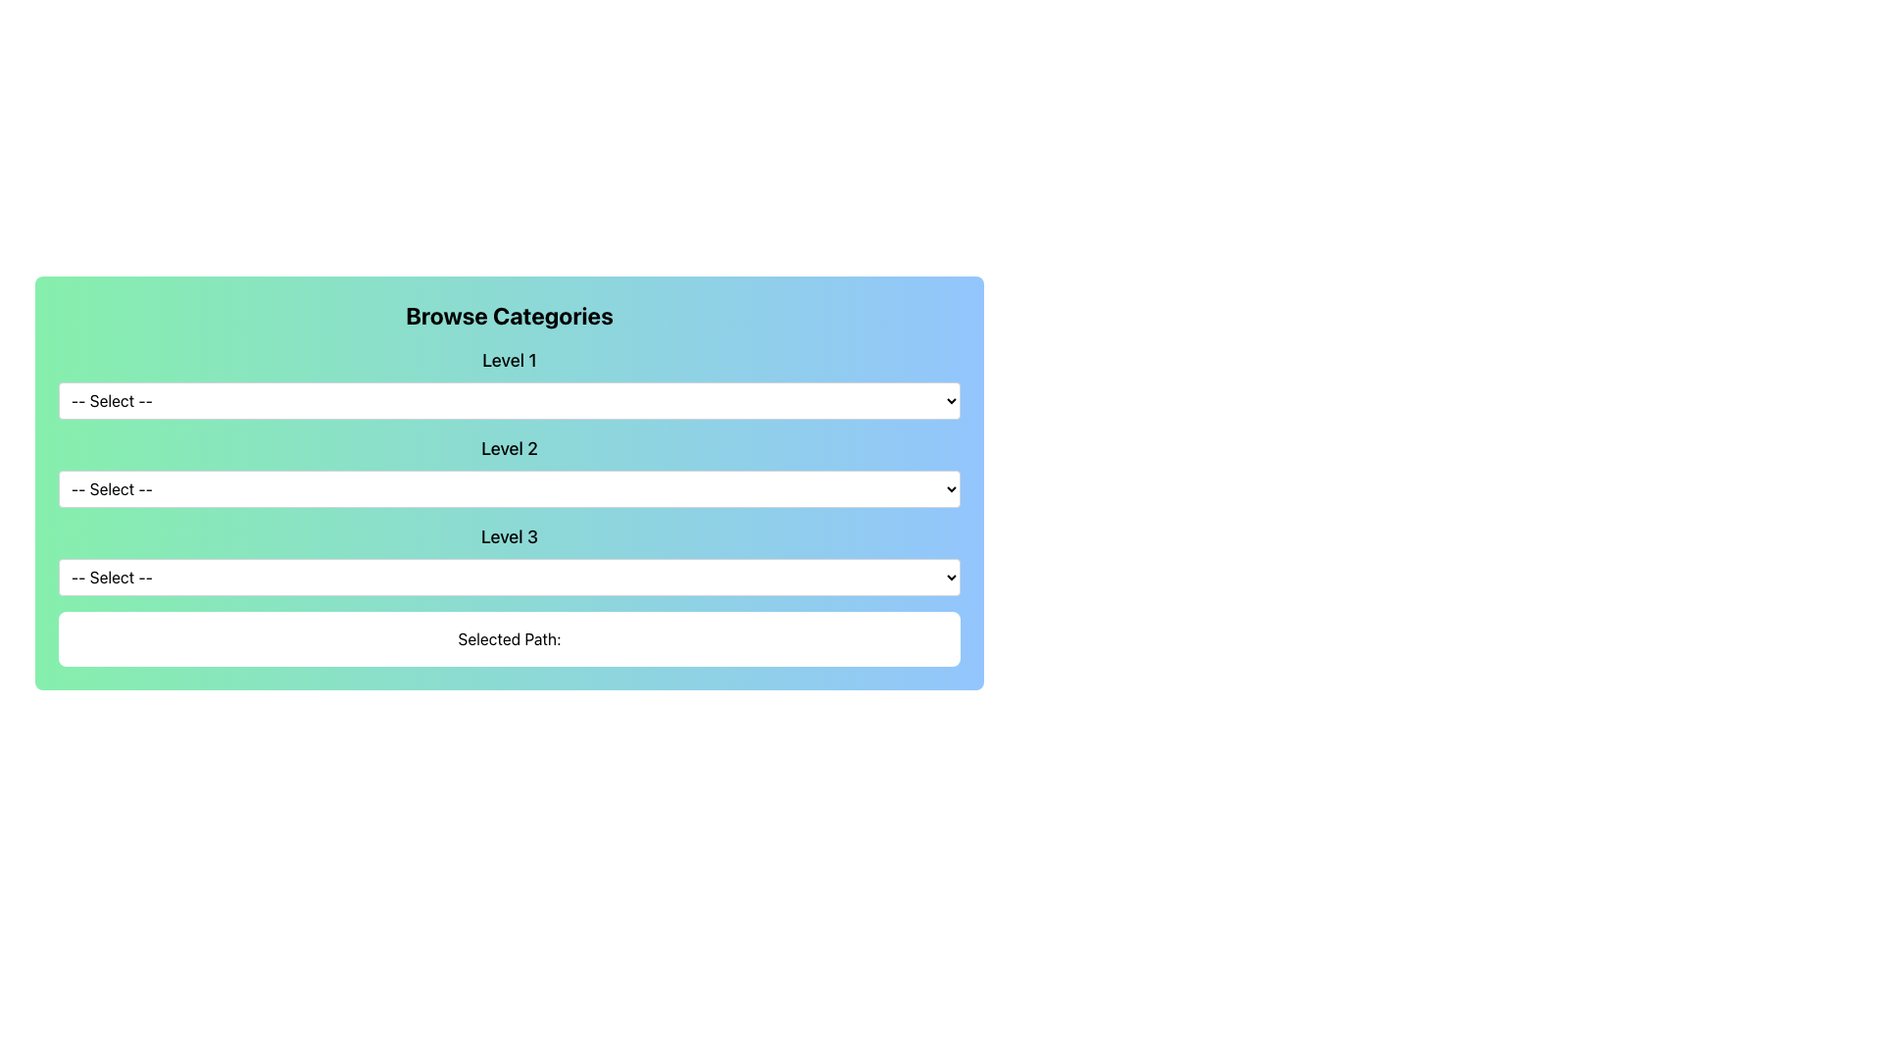 The image size is (1882, 1059). Describe the element at coordinates (509, 559) in the screenshot. I see `the 'Level 3' dropdown menu` at that location.